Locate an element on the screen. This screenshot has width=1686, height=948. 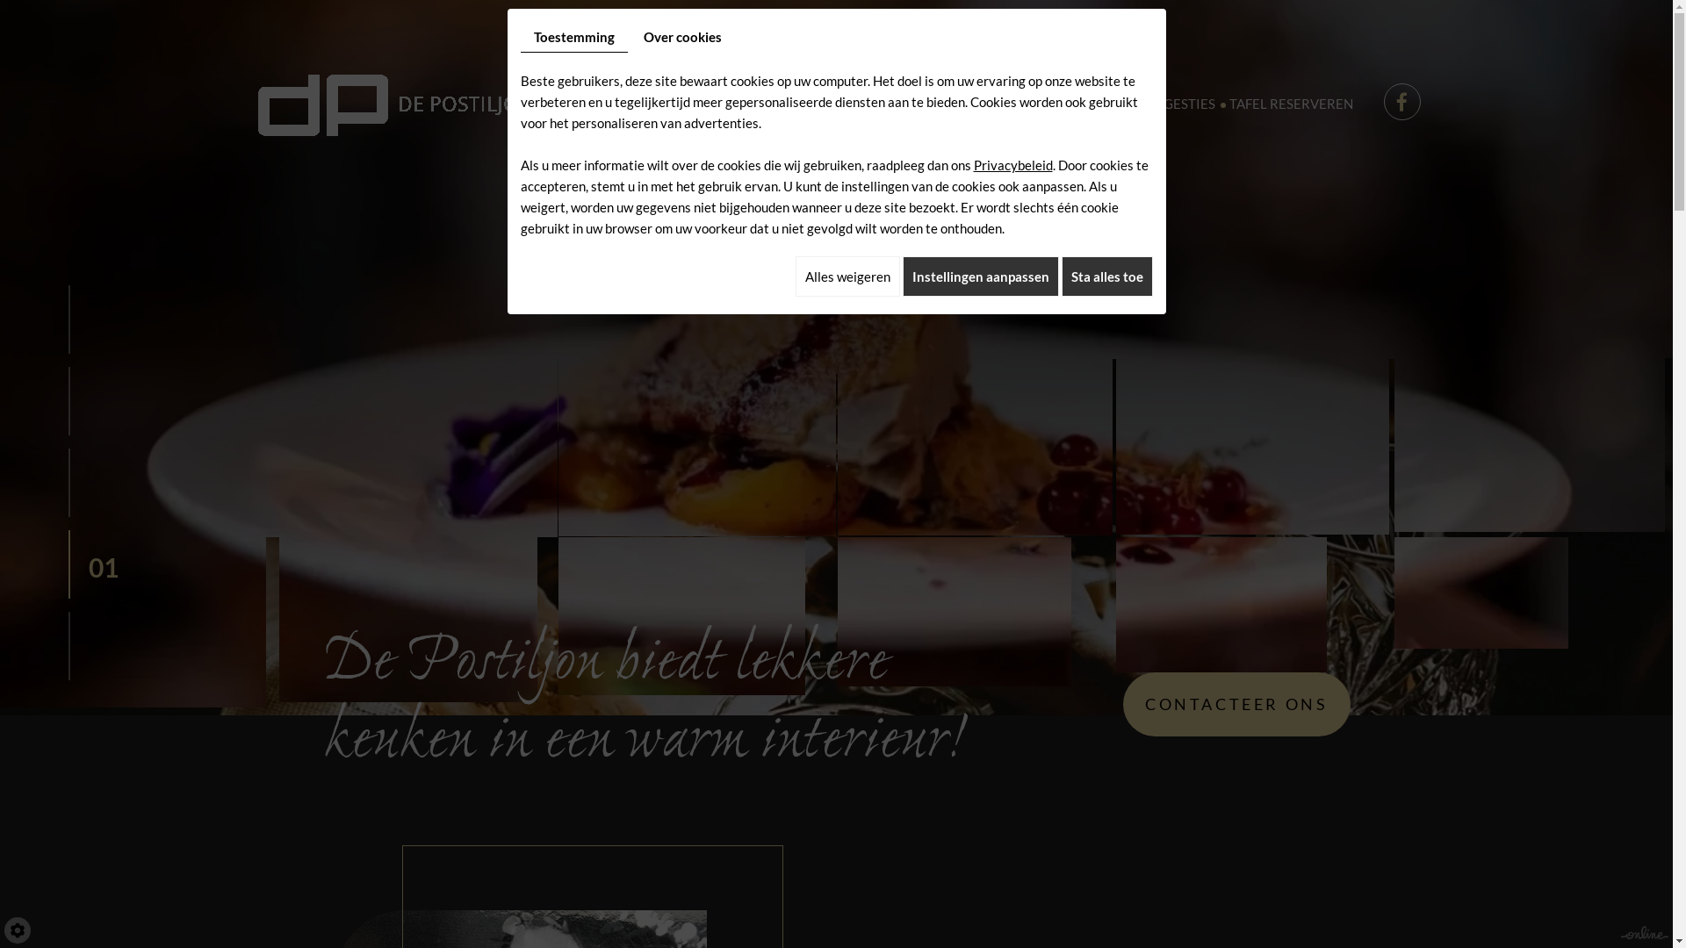
'Instellingen aanpassen' is located at coordinates (980, 276).